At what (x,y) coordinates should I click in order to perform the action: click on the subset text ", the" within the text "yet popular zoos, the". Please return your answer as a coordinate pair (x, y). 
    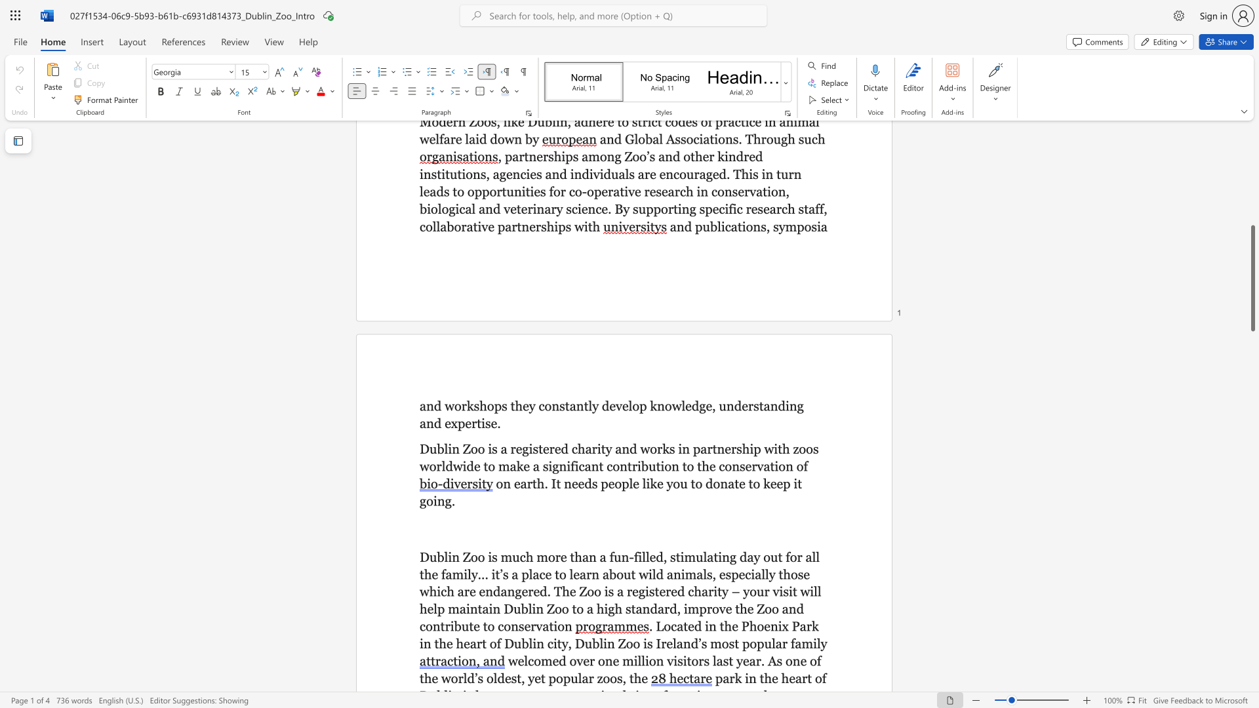
    Looking at the image, I should click on (622, 678).